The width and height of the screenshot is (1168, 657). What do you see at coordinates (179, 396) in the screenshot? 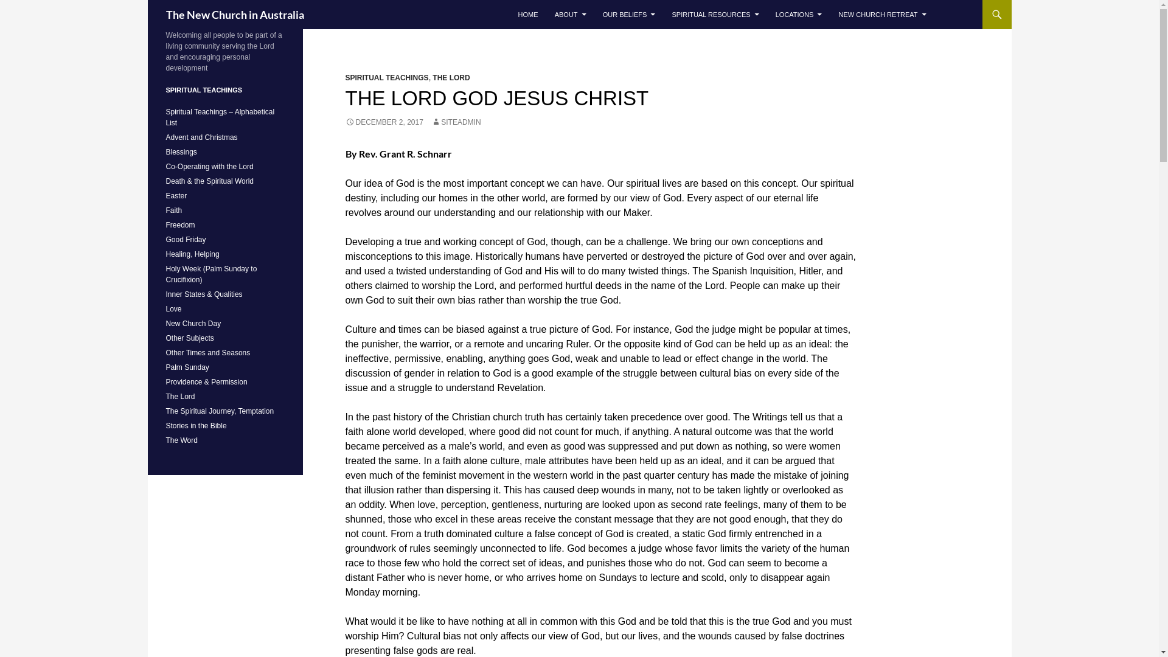
I see `'The Lord'` at bounding box center [179, 396].